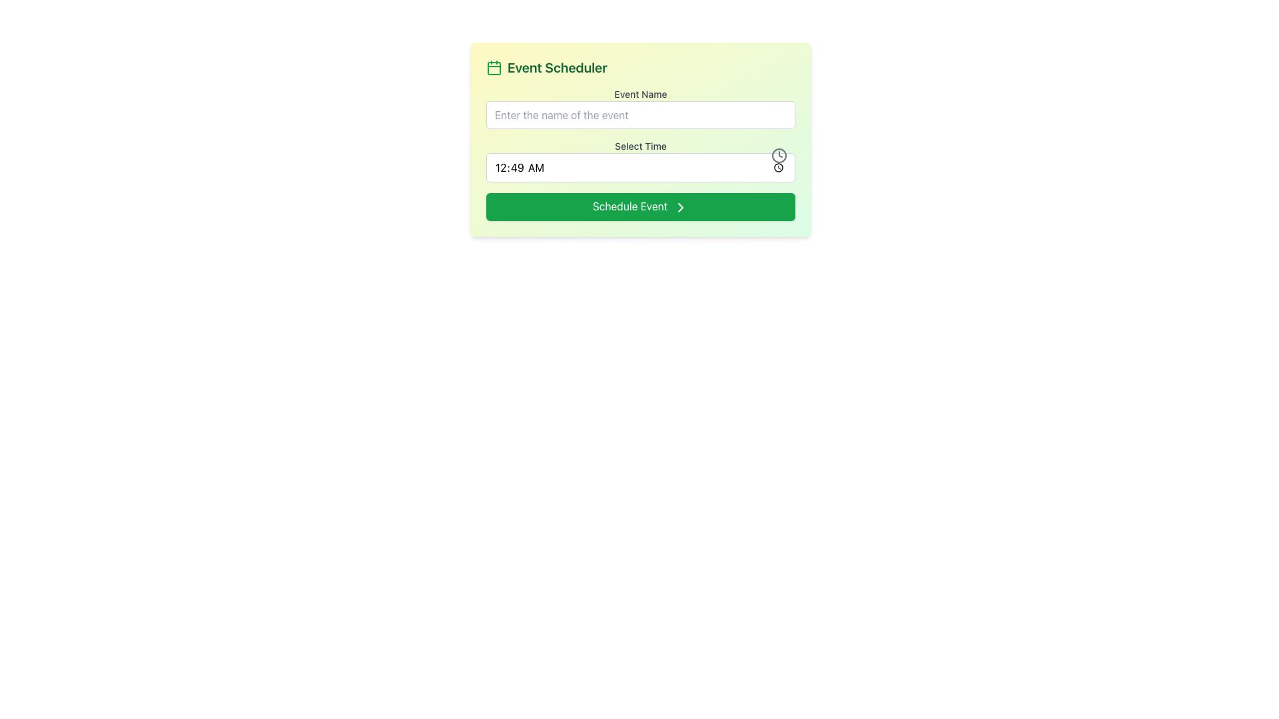 The image size is (1279, 719). I want to click on the label element that describes the 'Event Name' section, which is positioned directly above the input field for entering the event name, so click(640, 94).